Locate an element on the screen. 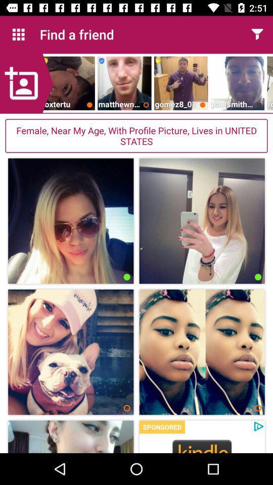  item to the left of the find a friend is located at coordinates (18, 34).